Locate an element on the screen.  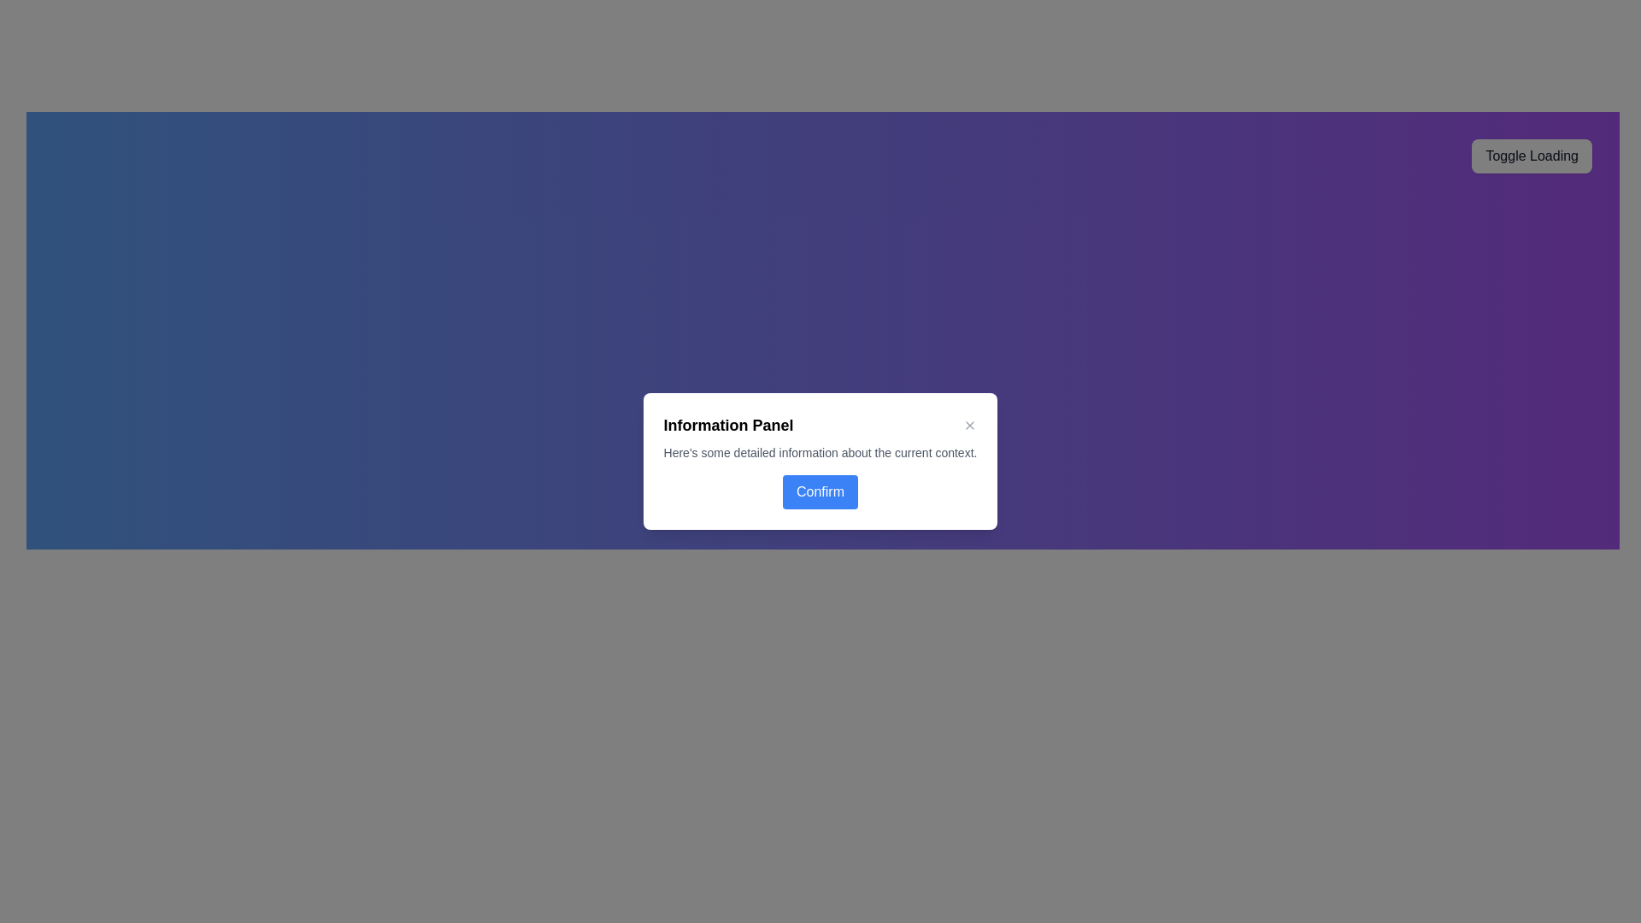
the close button (an 'X' symbol) located at the top-right corner of the Information Panel is located at coordinates (969, 424).